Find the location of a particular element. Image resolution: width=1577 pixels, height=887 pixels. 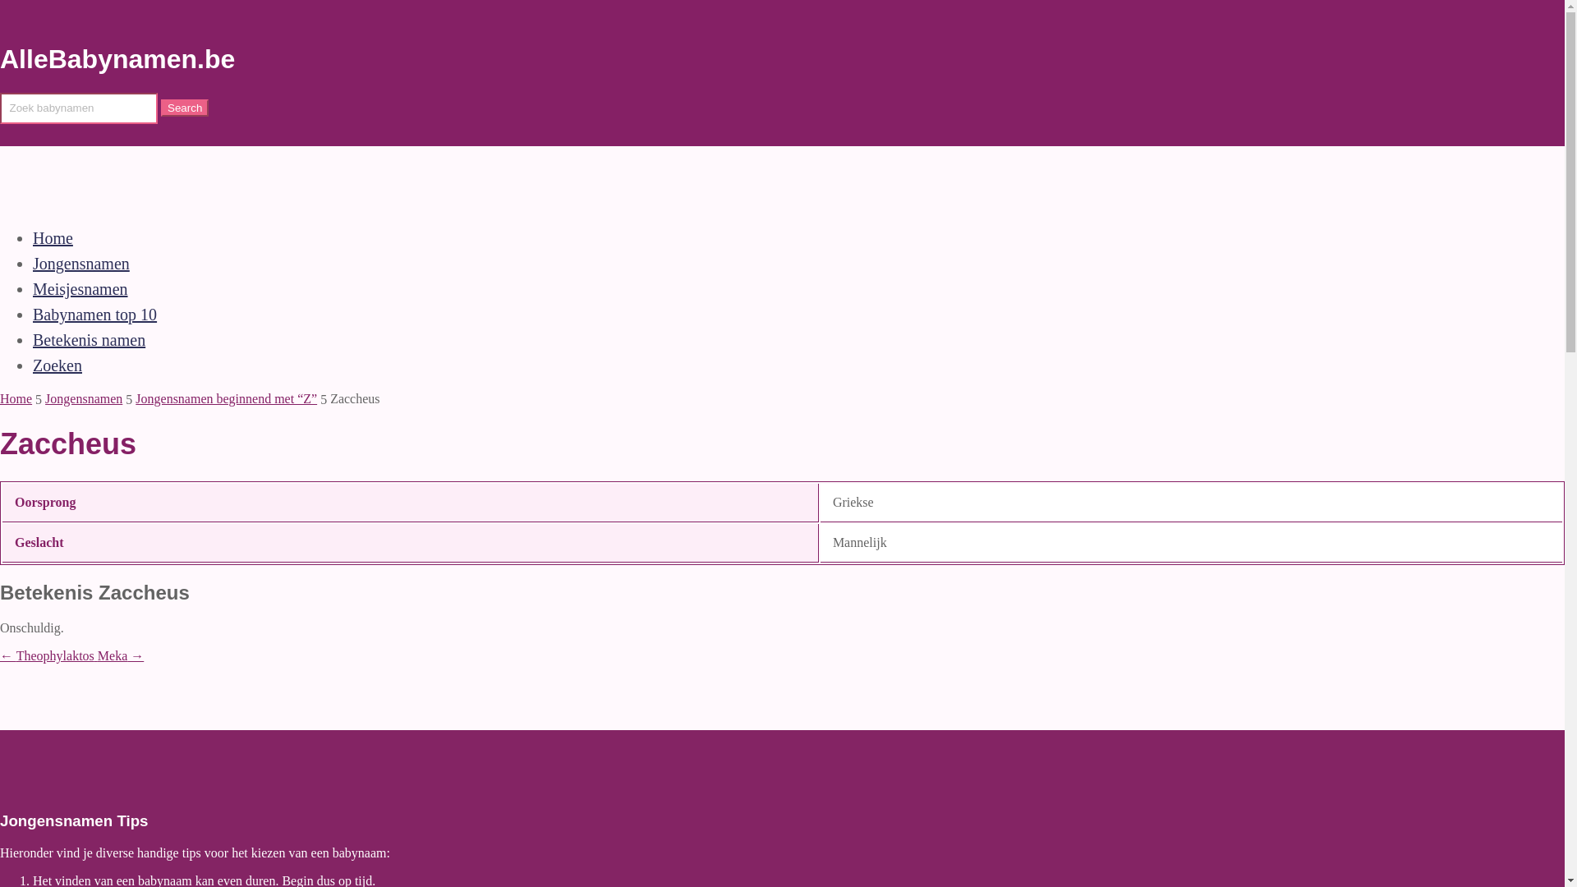

'AlleBabynamen.be' is located at coordinates (117, 58).